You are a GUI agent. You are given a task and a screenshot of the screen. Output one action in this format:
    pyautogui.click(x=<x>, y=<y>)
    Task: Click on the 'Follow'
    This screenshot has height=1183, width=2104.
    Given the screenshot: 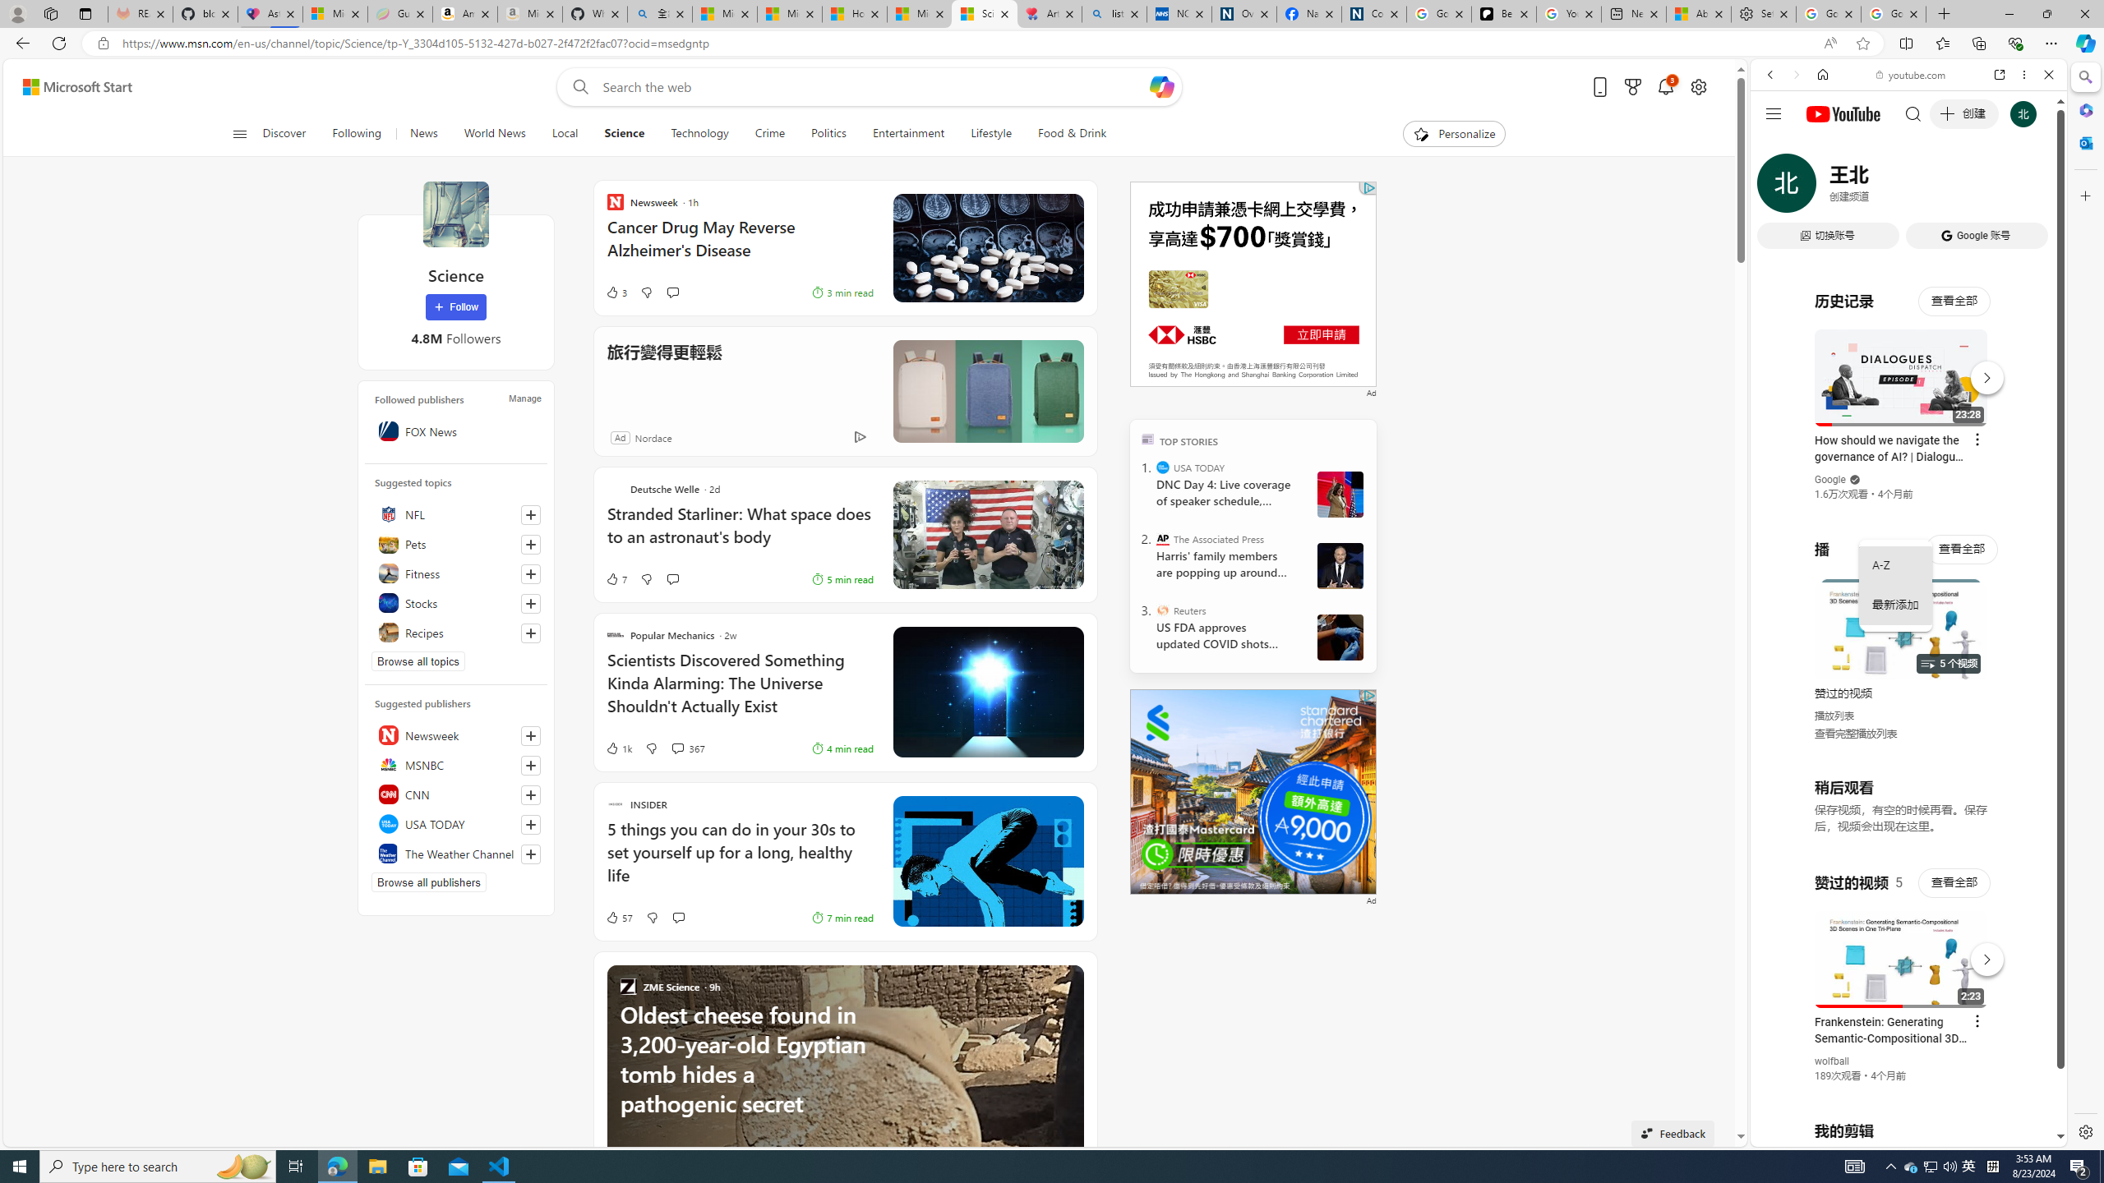 What is the action you would take?
    pyautogui.click(x=455, y=307)
    